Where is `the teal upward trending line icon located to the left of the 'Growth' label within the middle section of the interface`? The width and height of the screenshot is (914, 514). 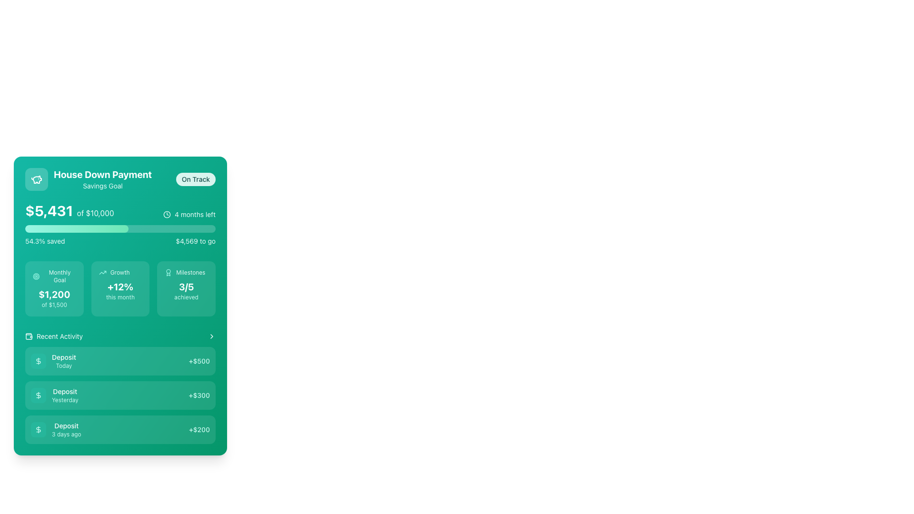 the teal upward trending line icon located to the left of the 'Growth' label within the middle section of the interface is located at coordinates (102, 273).